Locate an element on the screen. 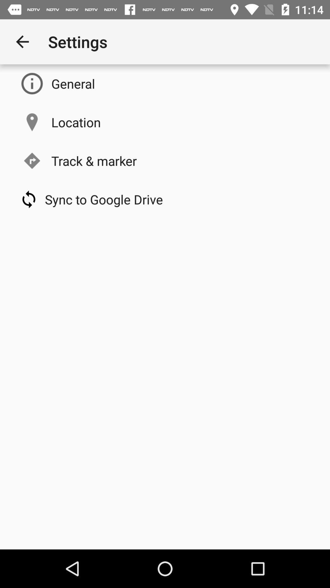  location item is located at coordinates (76, 122).